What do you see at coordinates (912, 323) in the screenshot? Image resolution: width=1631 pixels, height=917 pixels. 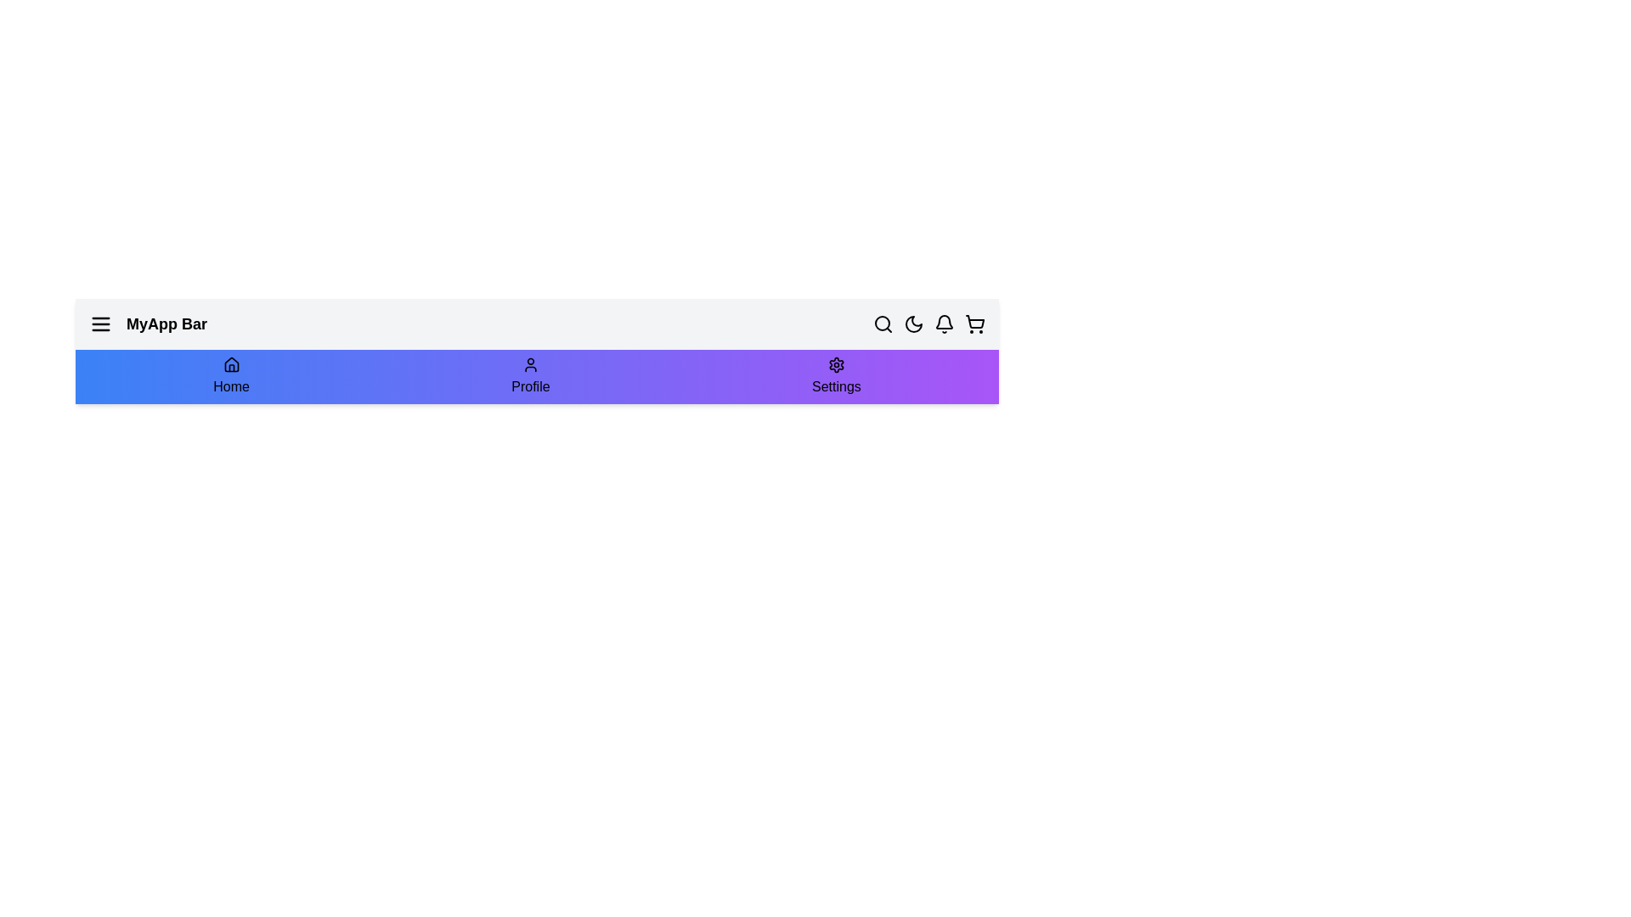 I see `the sun/moon icon to toggle the dark mode` at bounding box center [912, 323].